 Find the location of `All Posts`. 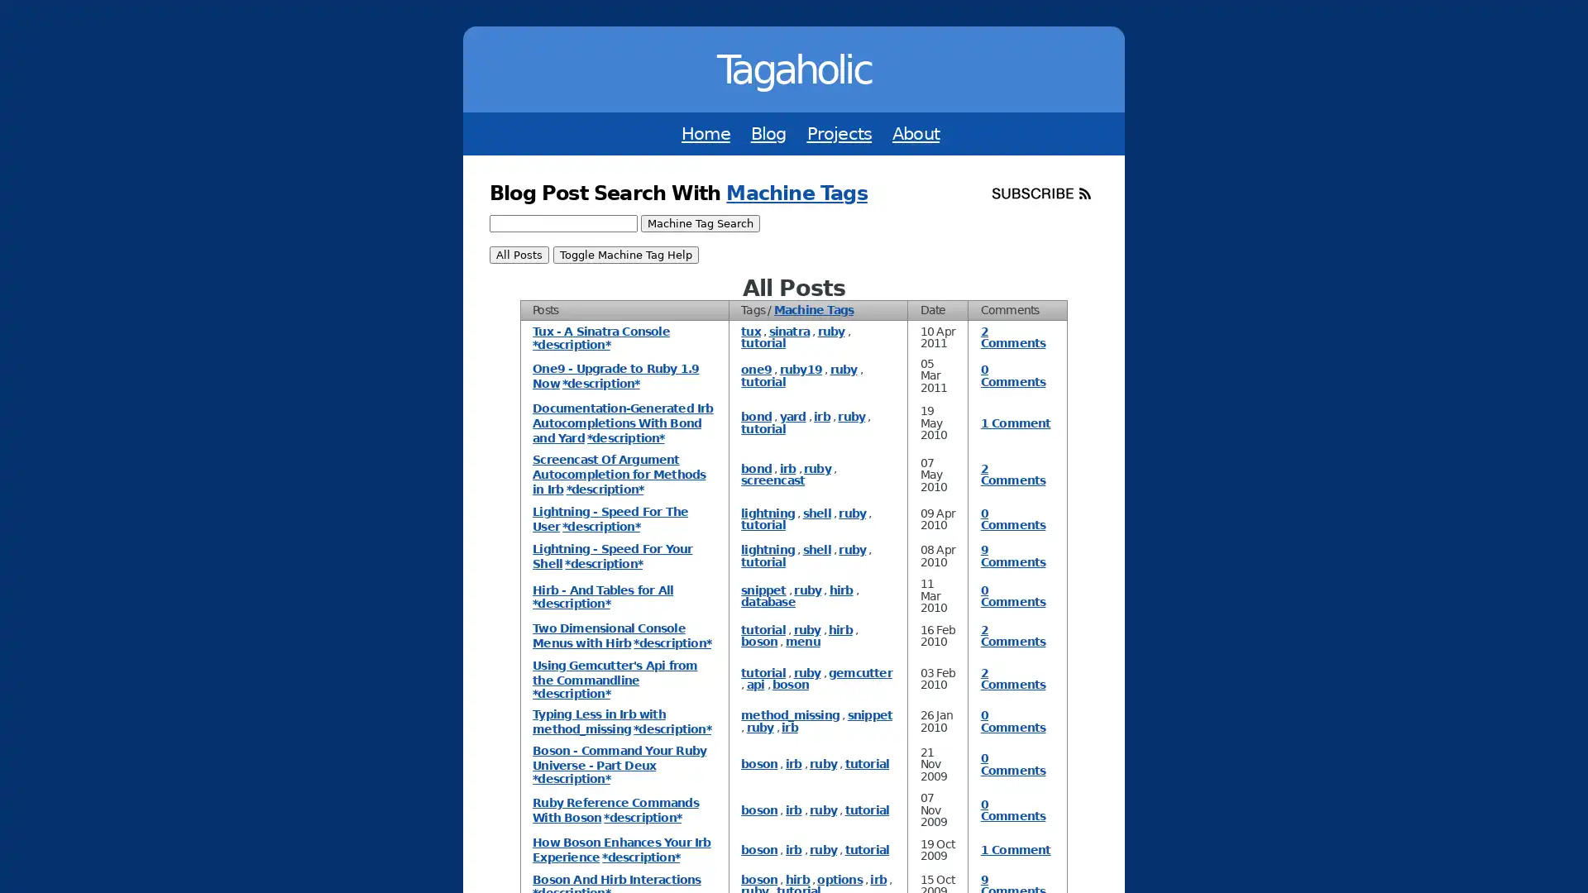

All Posts is located at coordinates (519, 255).